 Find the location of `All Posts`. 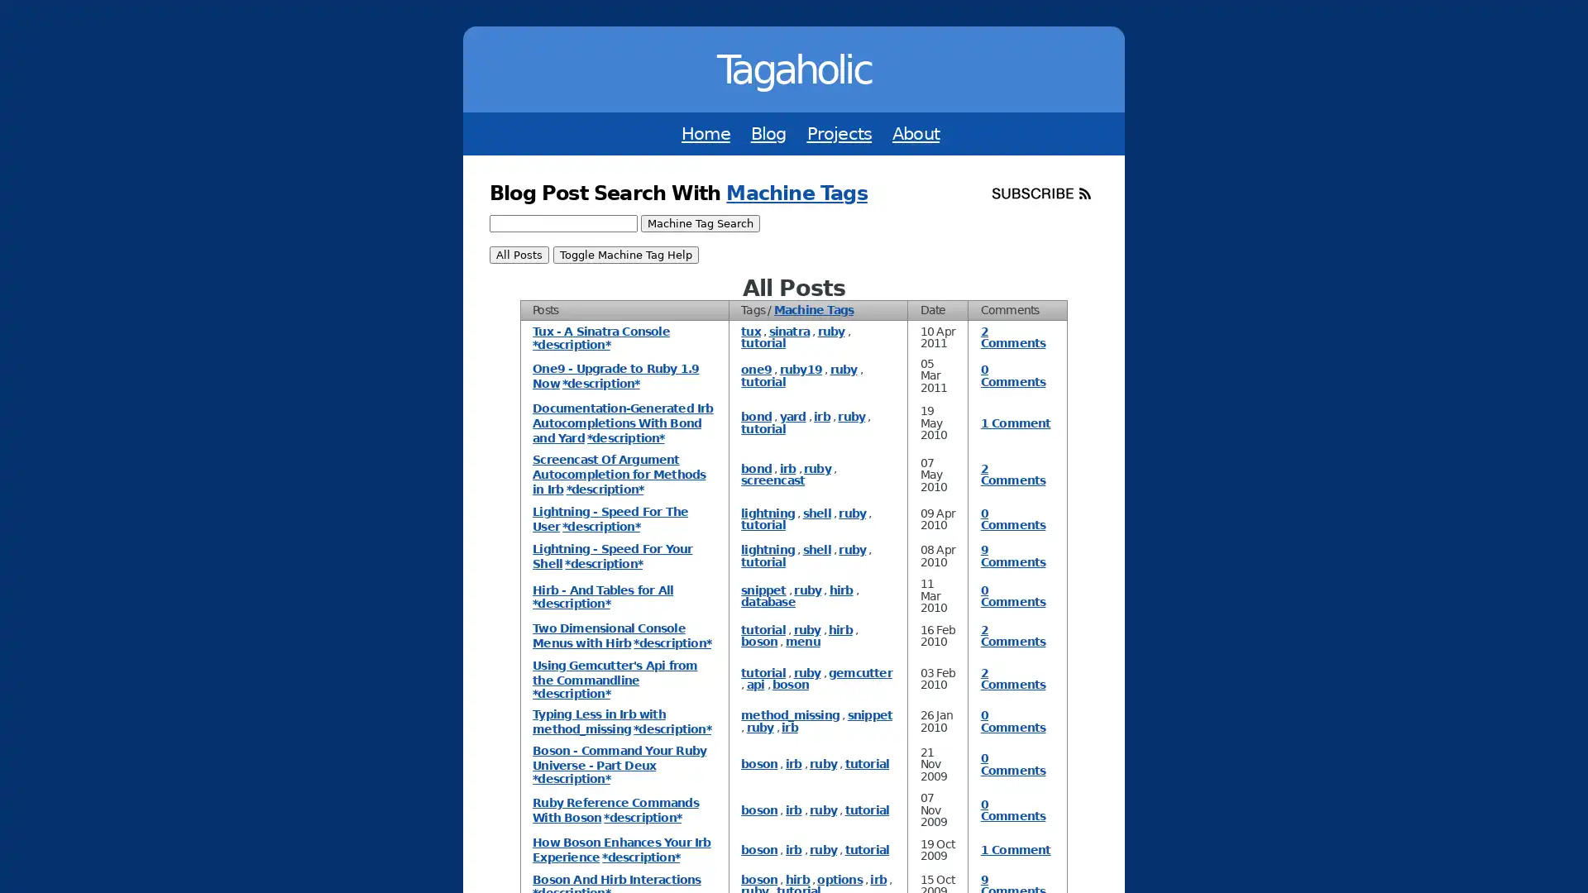

All Posts is located at coordinates (519, 255).